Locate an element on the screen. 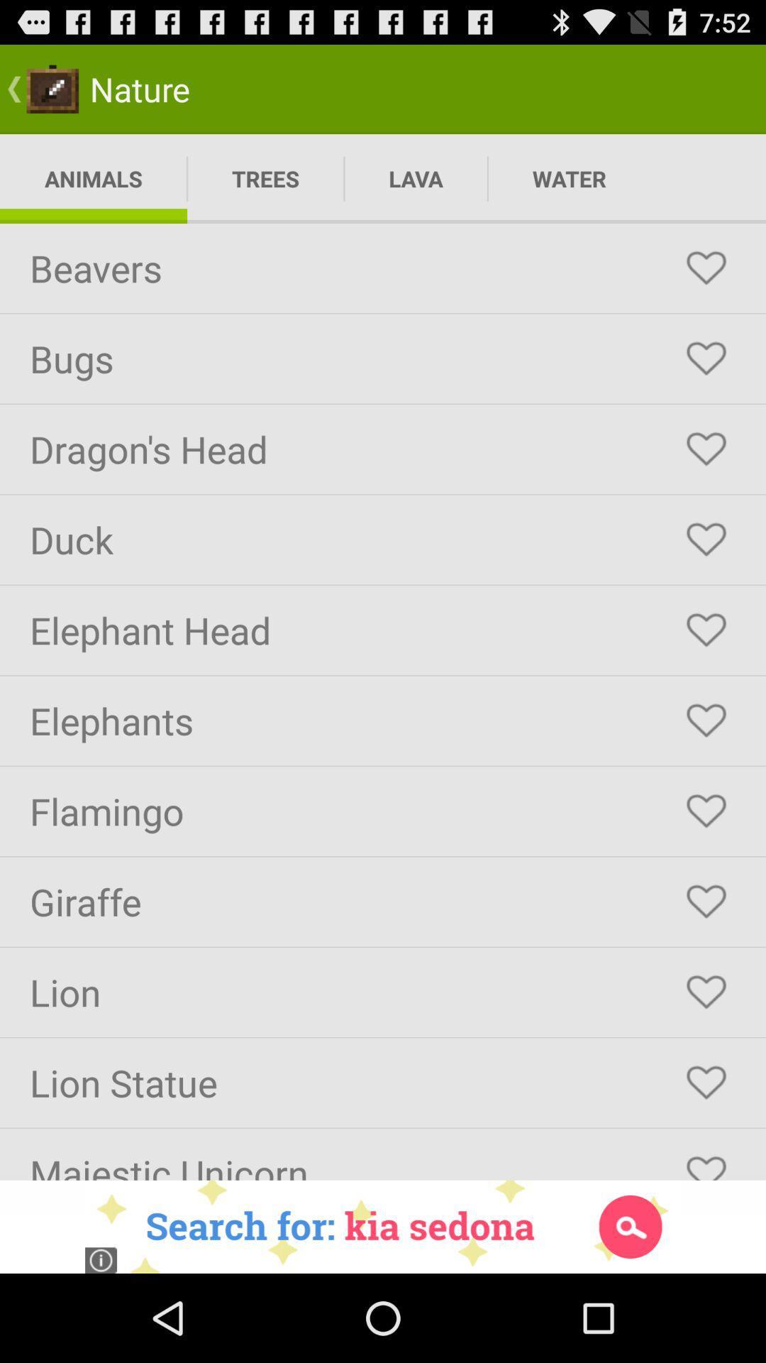  like is located at coordinates (706, 1161).